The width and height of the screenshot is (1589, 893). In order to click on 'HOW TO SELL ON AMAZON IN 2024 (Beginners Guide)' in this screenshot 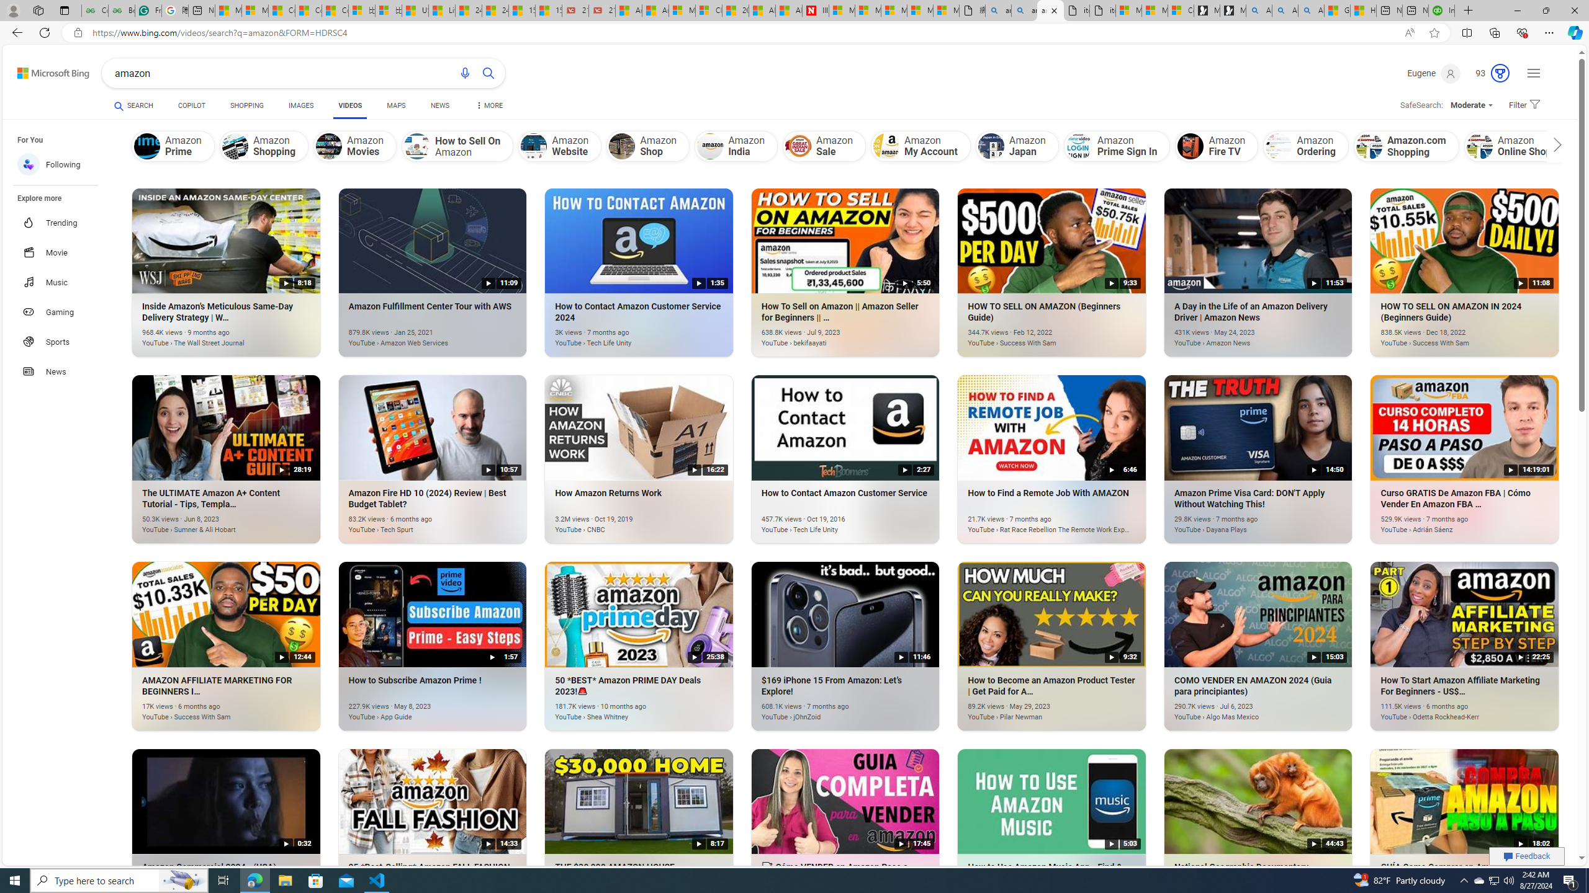, I will do `click(1445, 335)`.